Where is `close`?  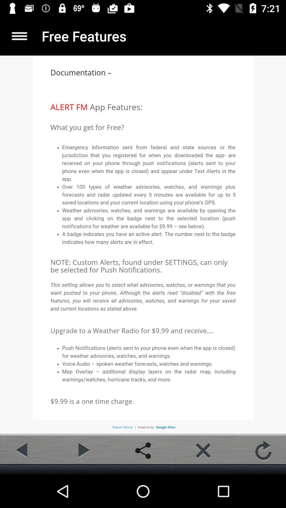 close is located at coordinates (203, 450).